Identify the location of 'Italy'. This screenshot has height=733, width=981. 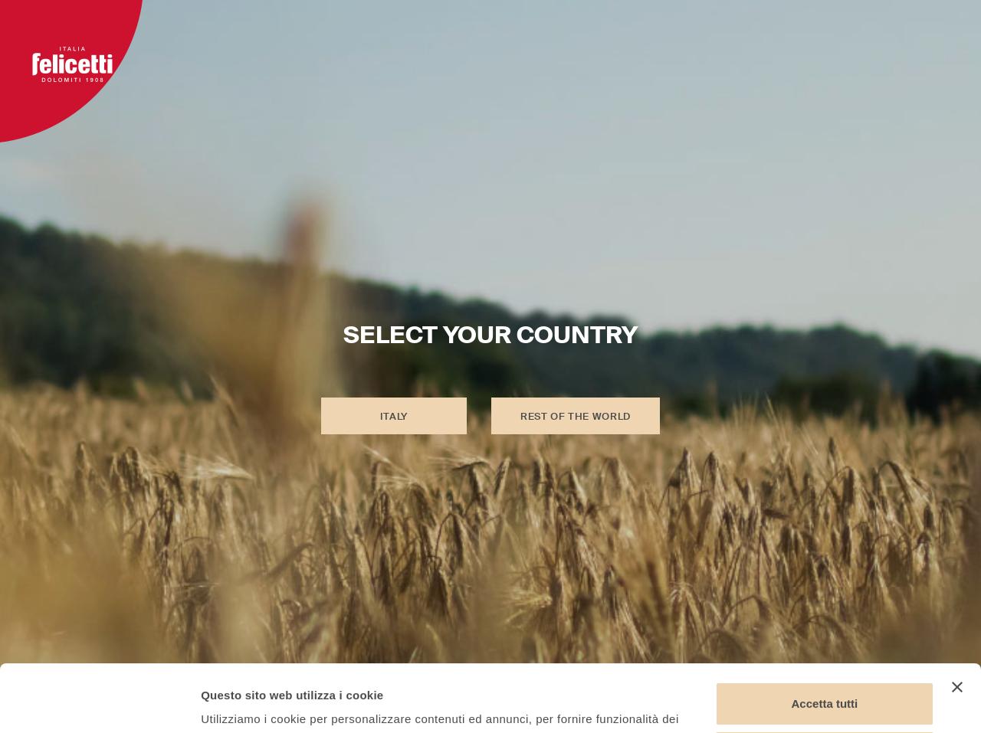
(393, 416).